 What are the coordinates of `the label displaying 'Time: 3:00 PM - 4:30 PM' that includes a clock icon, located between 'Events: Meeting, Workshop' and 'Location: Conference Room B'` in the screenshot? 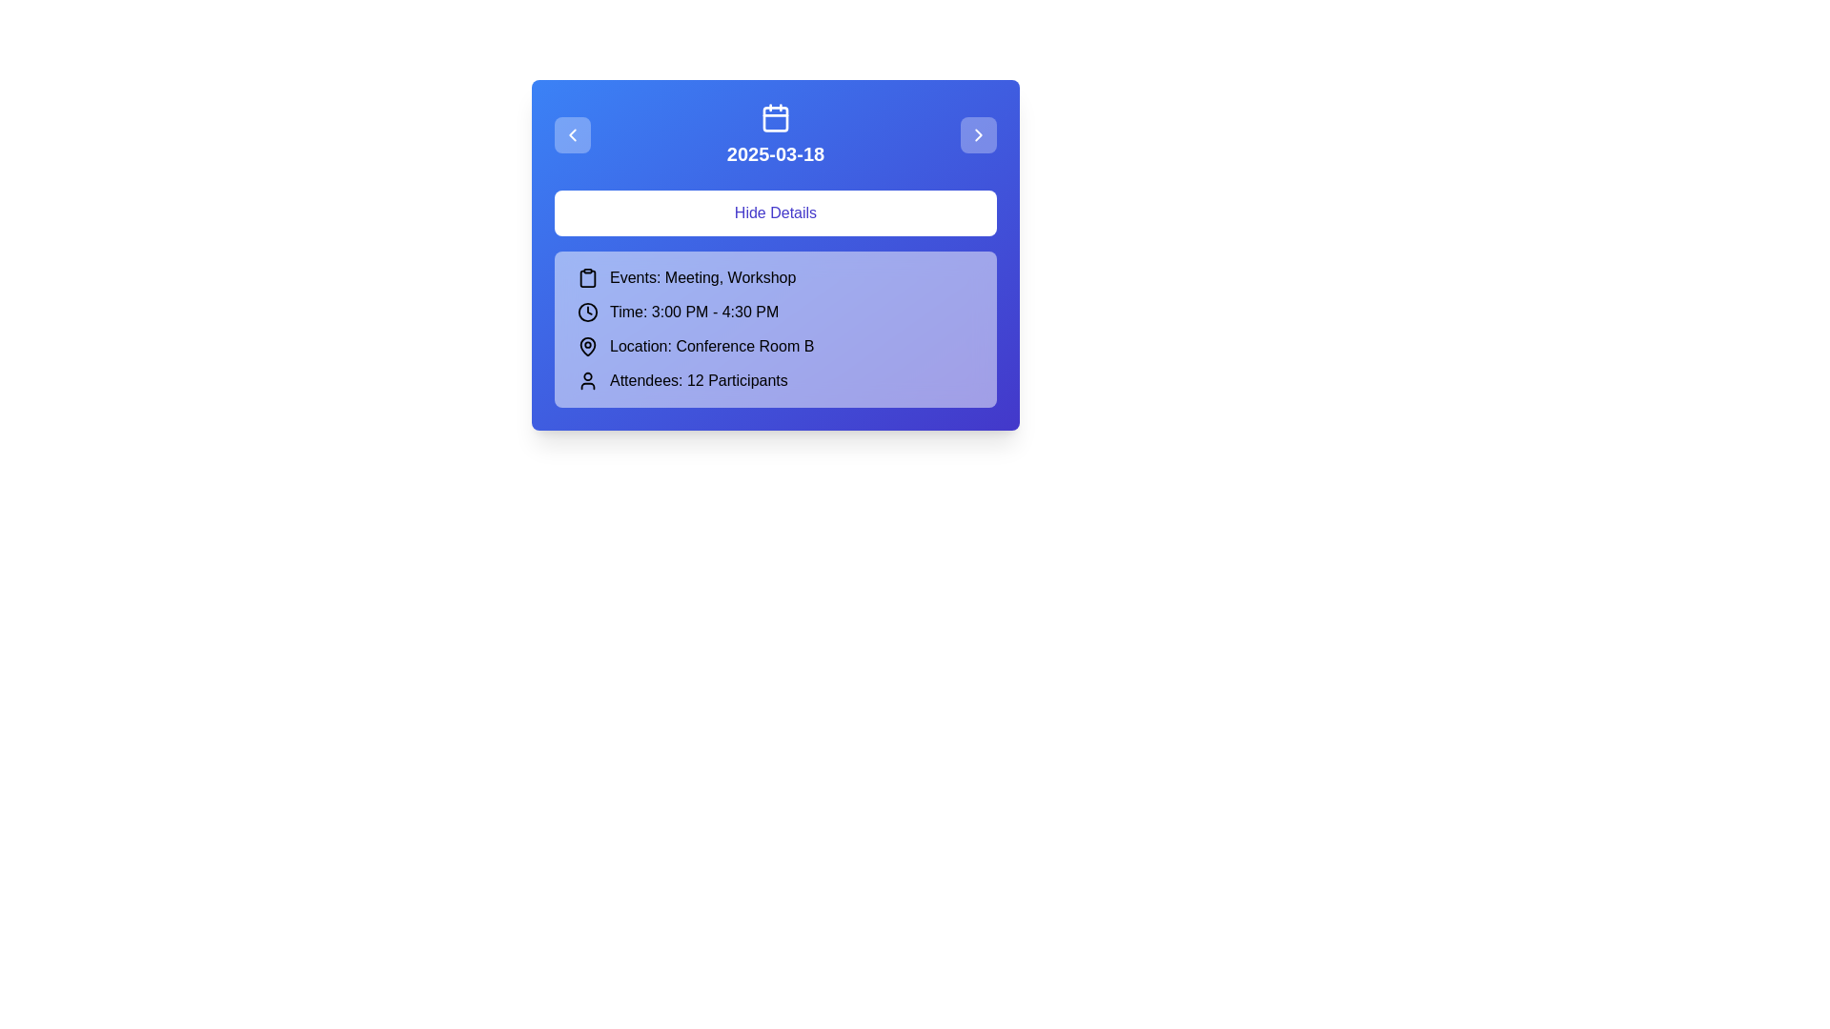 It's located at (776, 311).